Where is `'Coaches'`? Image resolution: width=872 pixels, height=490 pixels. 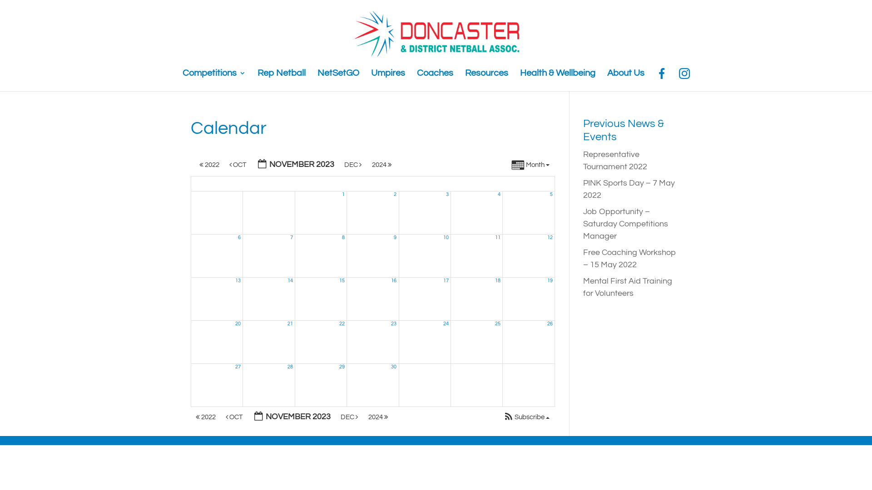
'Coaches' is located at coordinates (416, 78).